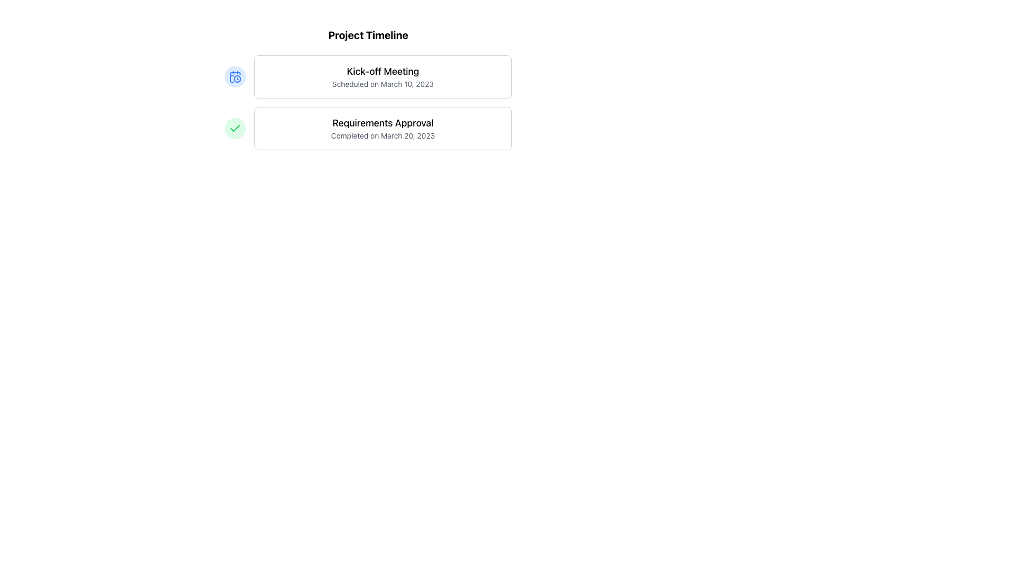 This screenshot has width=1013, height=569. Describe the element at coordinates (235, 127) in the screenshot. I see `the circular icon with a green checkmark that indicates task completion, located next to the text 'Completed on March 20, 2023'` at that location.